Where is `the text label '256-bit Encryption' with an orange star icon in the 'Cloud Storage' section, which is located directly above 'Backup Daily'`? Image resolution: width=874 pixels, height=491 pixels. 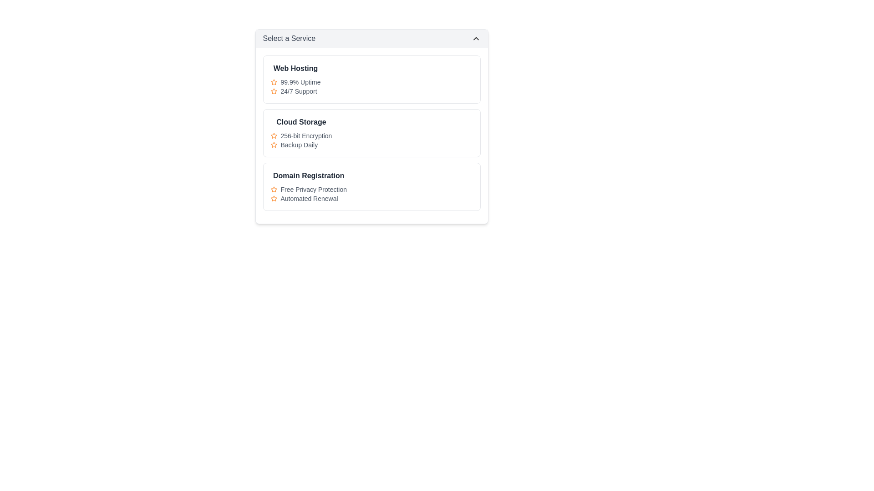
the text label '256-bit Encryption' with an orange star icon in the 'Cloud Storage' section, which is located directly above 'Backup Daily' is located at coordinates (301, 136).